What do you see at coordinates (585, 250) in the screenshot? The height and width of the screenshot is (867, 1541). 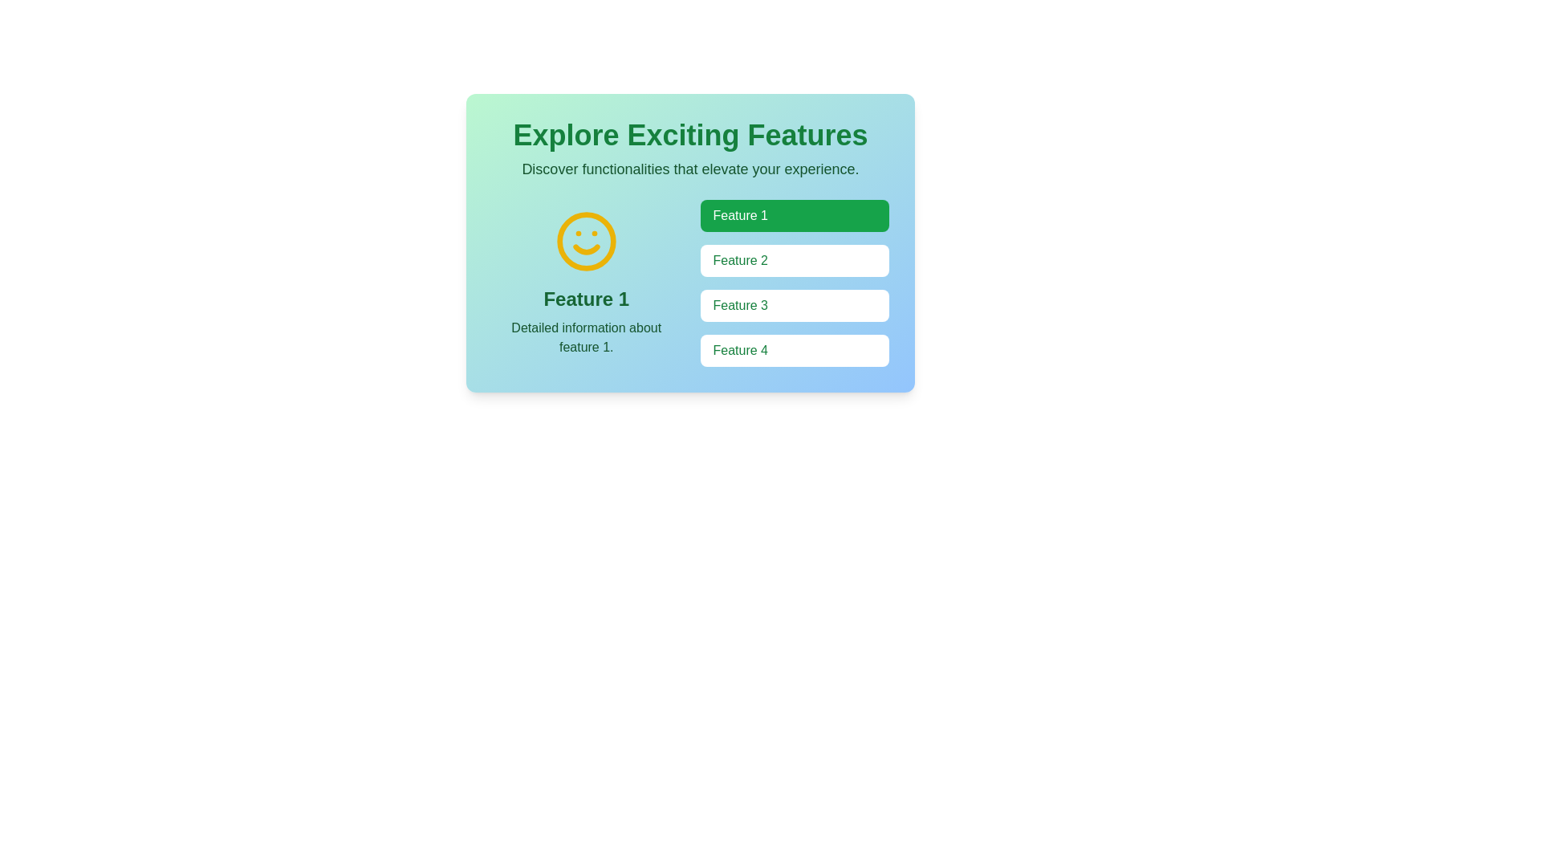 I see `the curved line representing the mouth of the smiley face icon, which is yellow and located to the left of the 'Feature 1' label` at bounding box center [585, 250].